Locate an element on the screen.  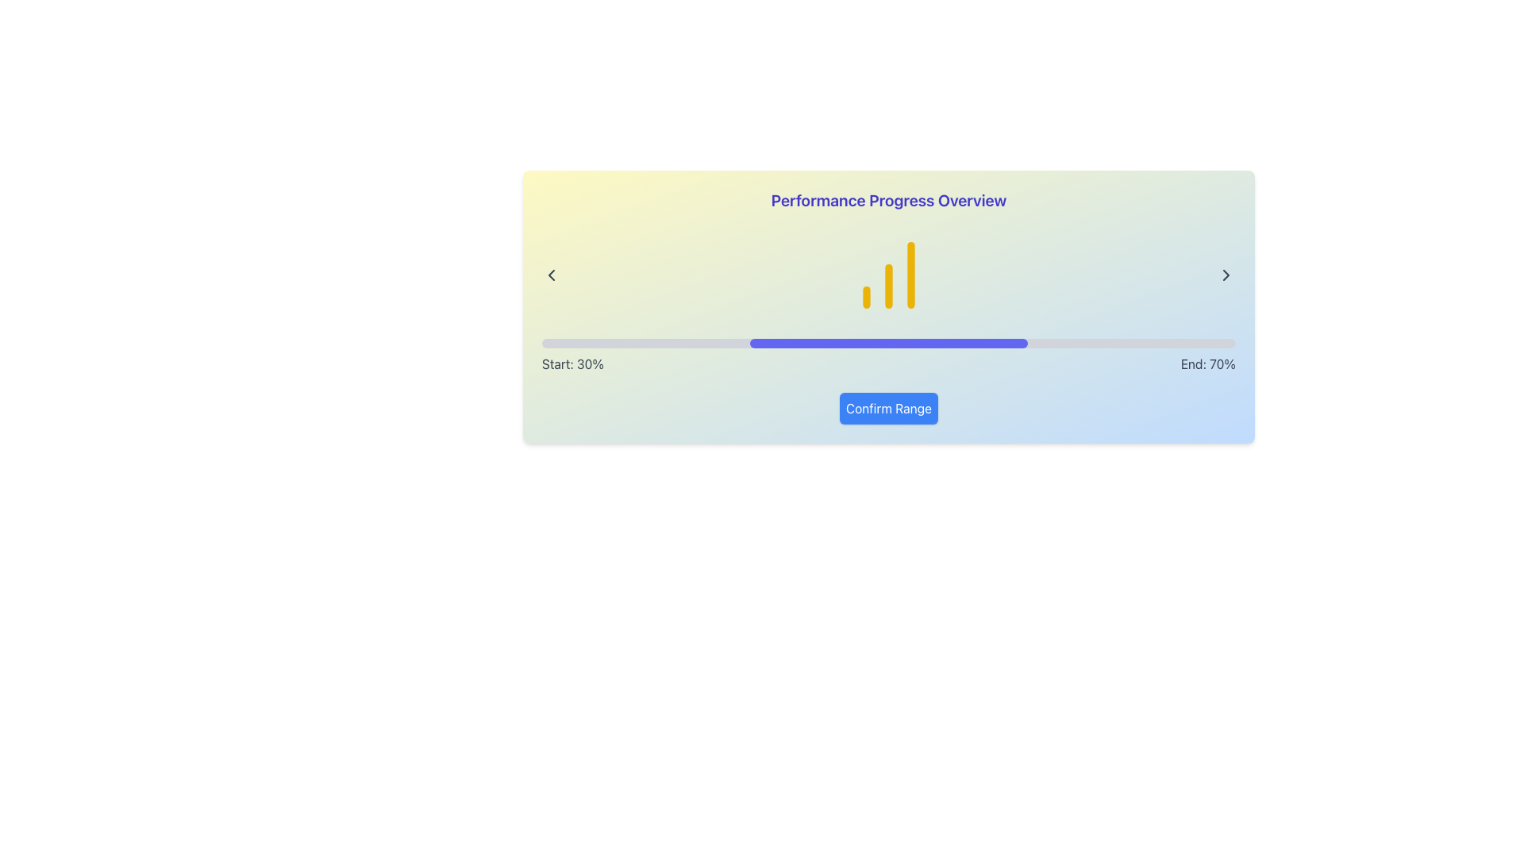
the Visual Chart Icon, which is a representation of a column chart with three yellow vertical bars of varying heights, located centrally between navigation icons and above the text 'Performance Progress Overview.' is located at coordinates (887, 275).